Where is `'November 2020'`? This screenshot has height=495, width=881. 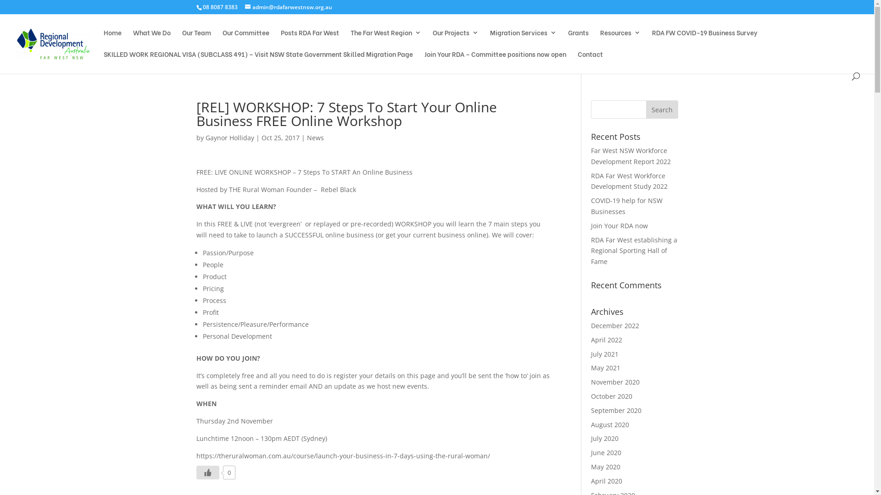 'November 2020' is located at coordinates (615, 382).